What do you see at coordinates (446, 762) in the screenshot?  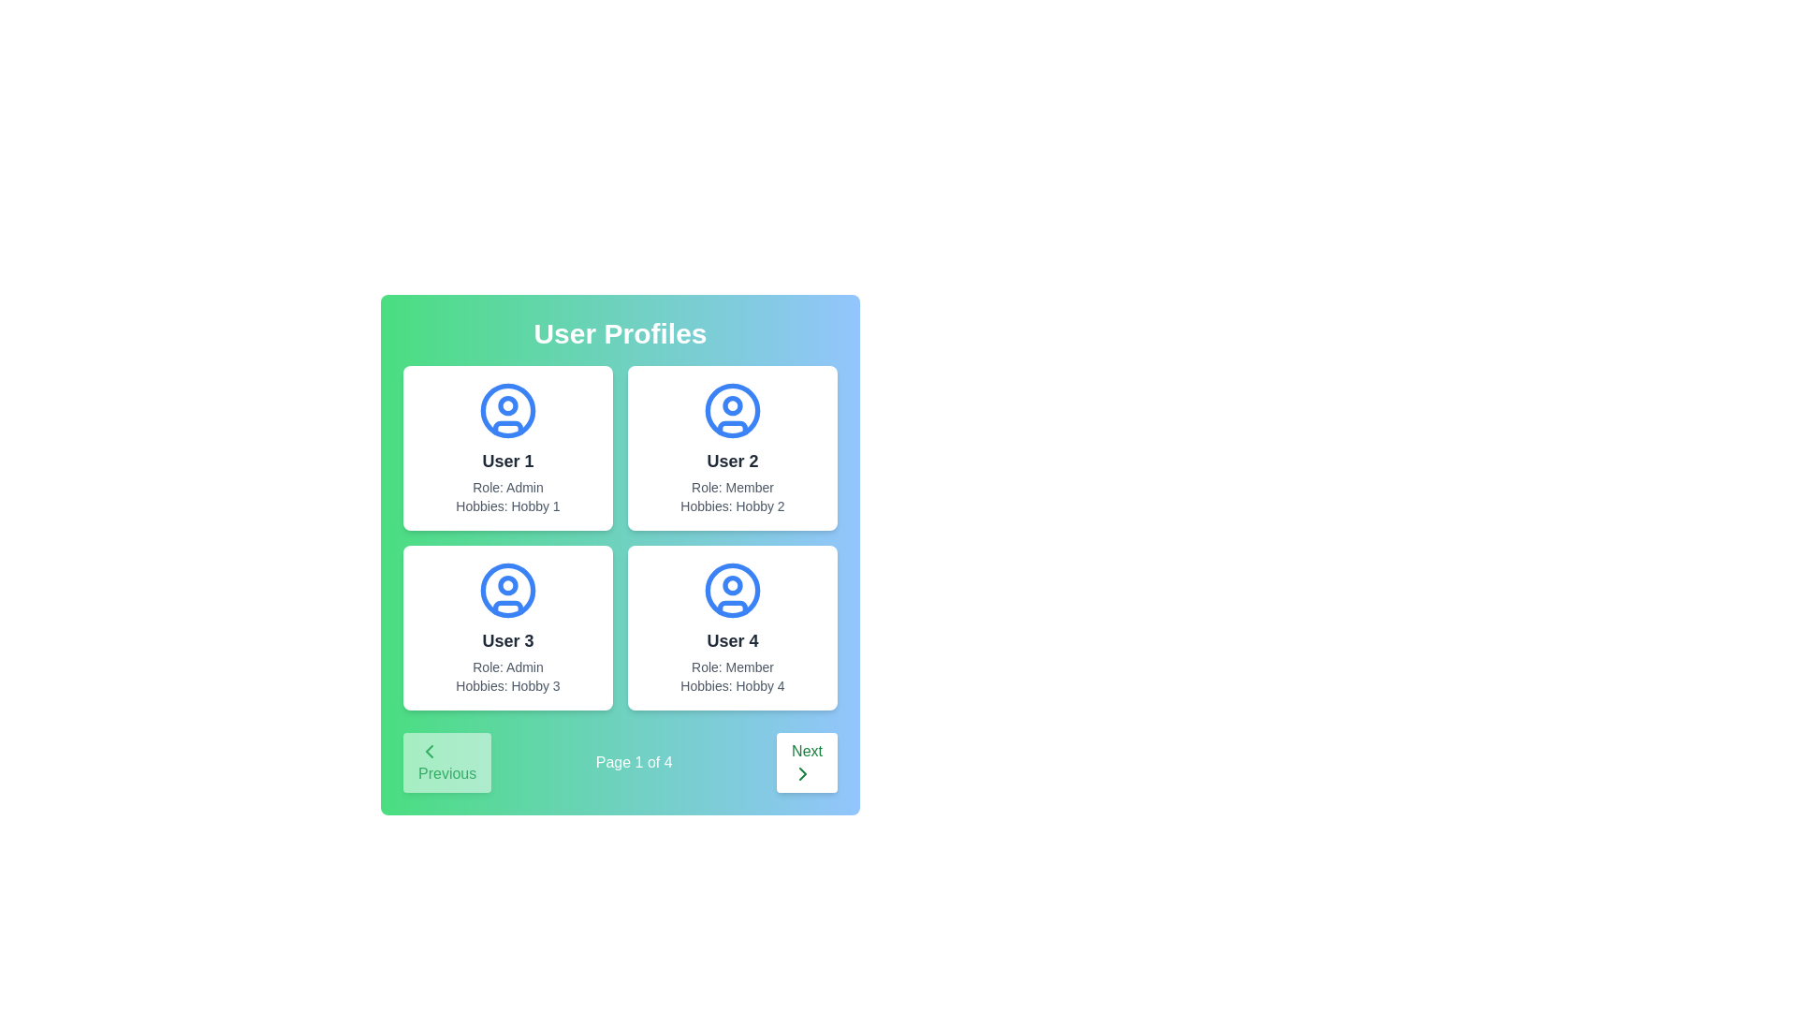 I see `the leftmost button in the horizontal navigation group at the bottom of the UI` at bounding box center [446, 762].